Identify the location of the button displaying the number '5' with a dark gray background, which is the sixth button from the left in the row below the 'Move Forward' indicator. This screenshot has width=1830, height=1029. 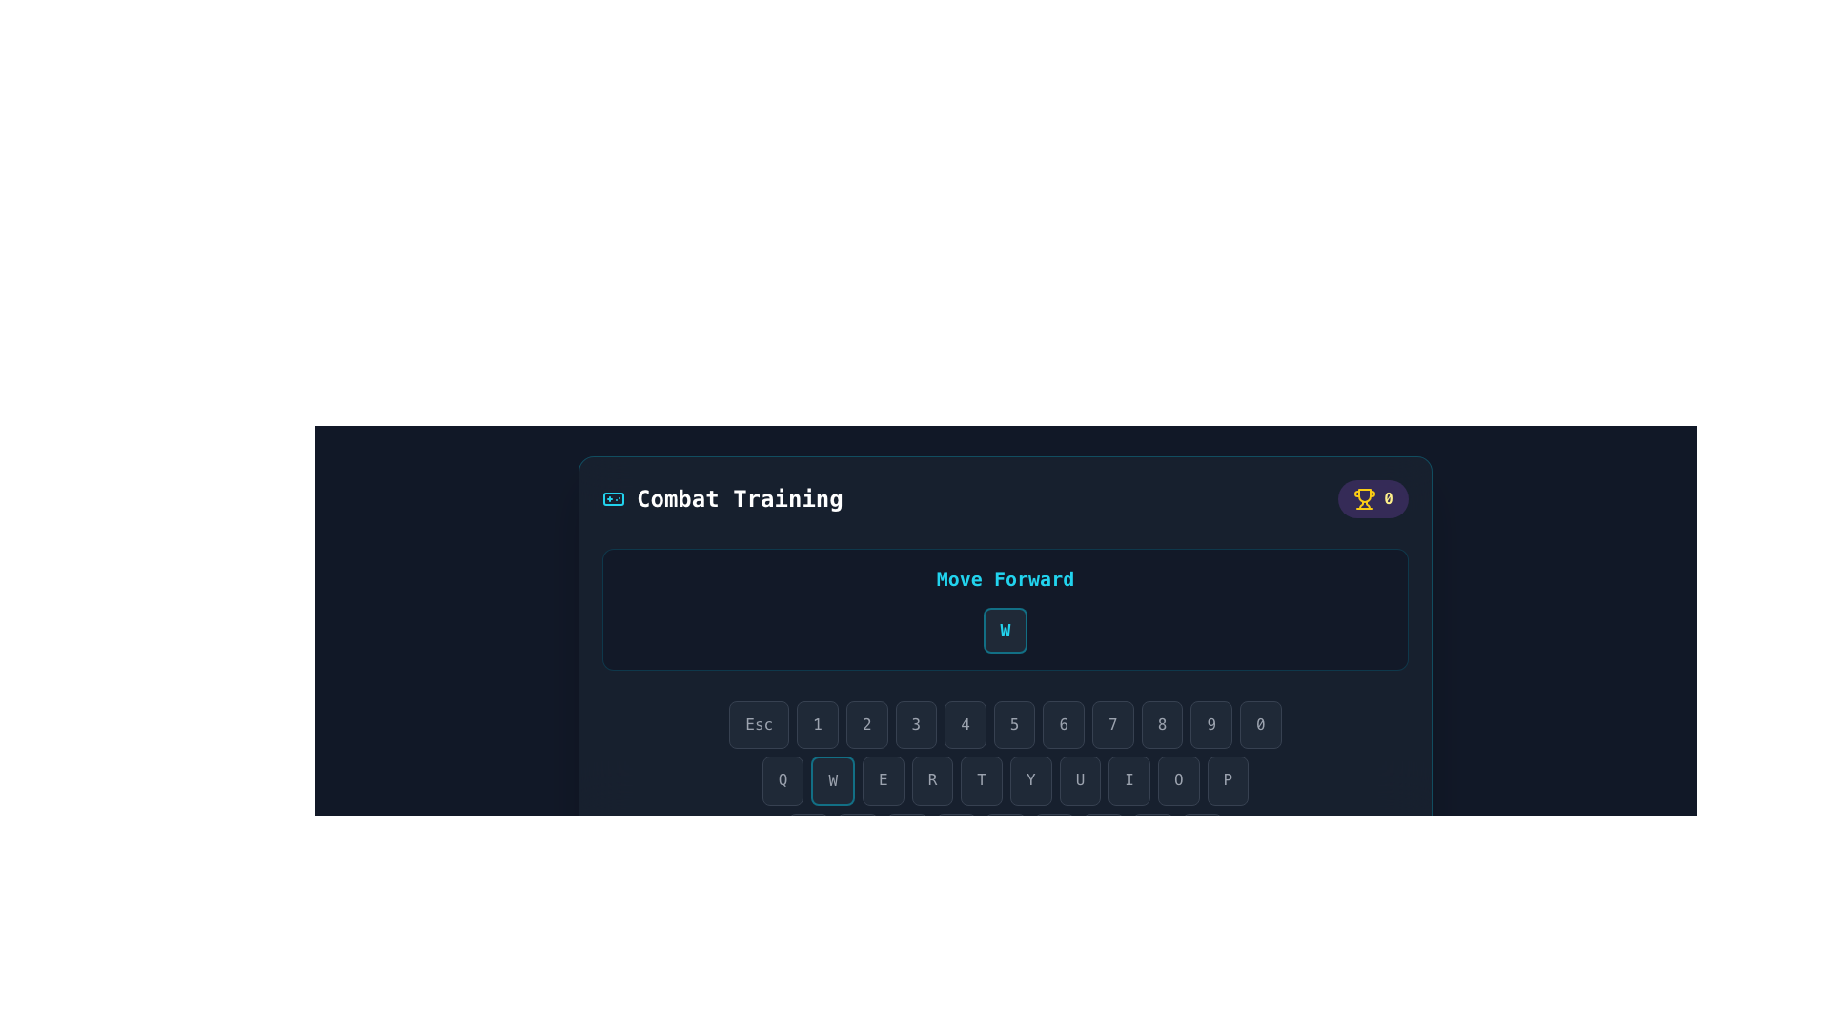
(1013, 724).